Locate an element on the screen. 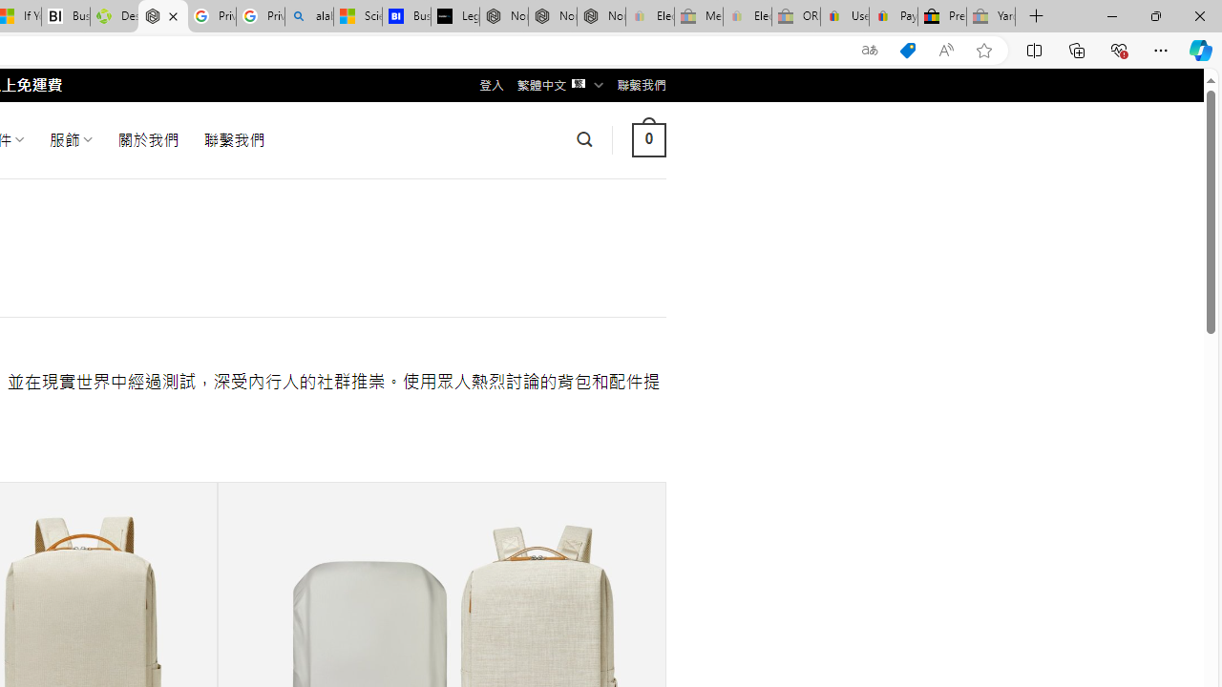 The height and width of the screenshot is (687, 1222). 'Show translate options' is located at coordinates (868, 50).